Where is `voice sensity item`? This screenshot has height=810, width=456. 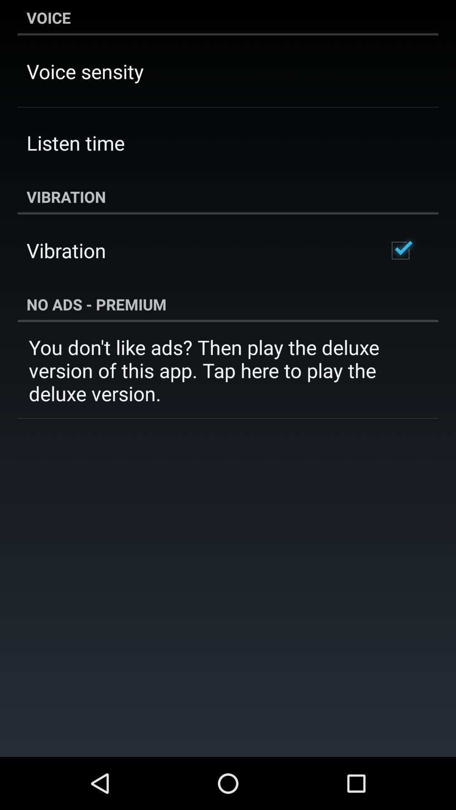
voice sensity item is located at coordinates (85, 71).